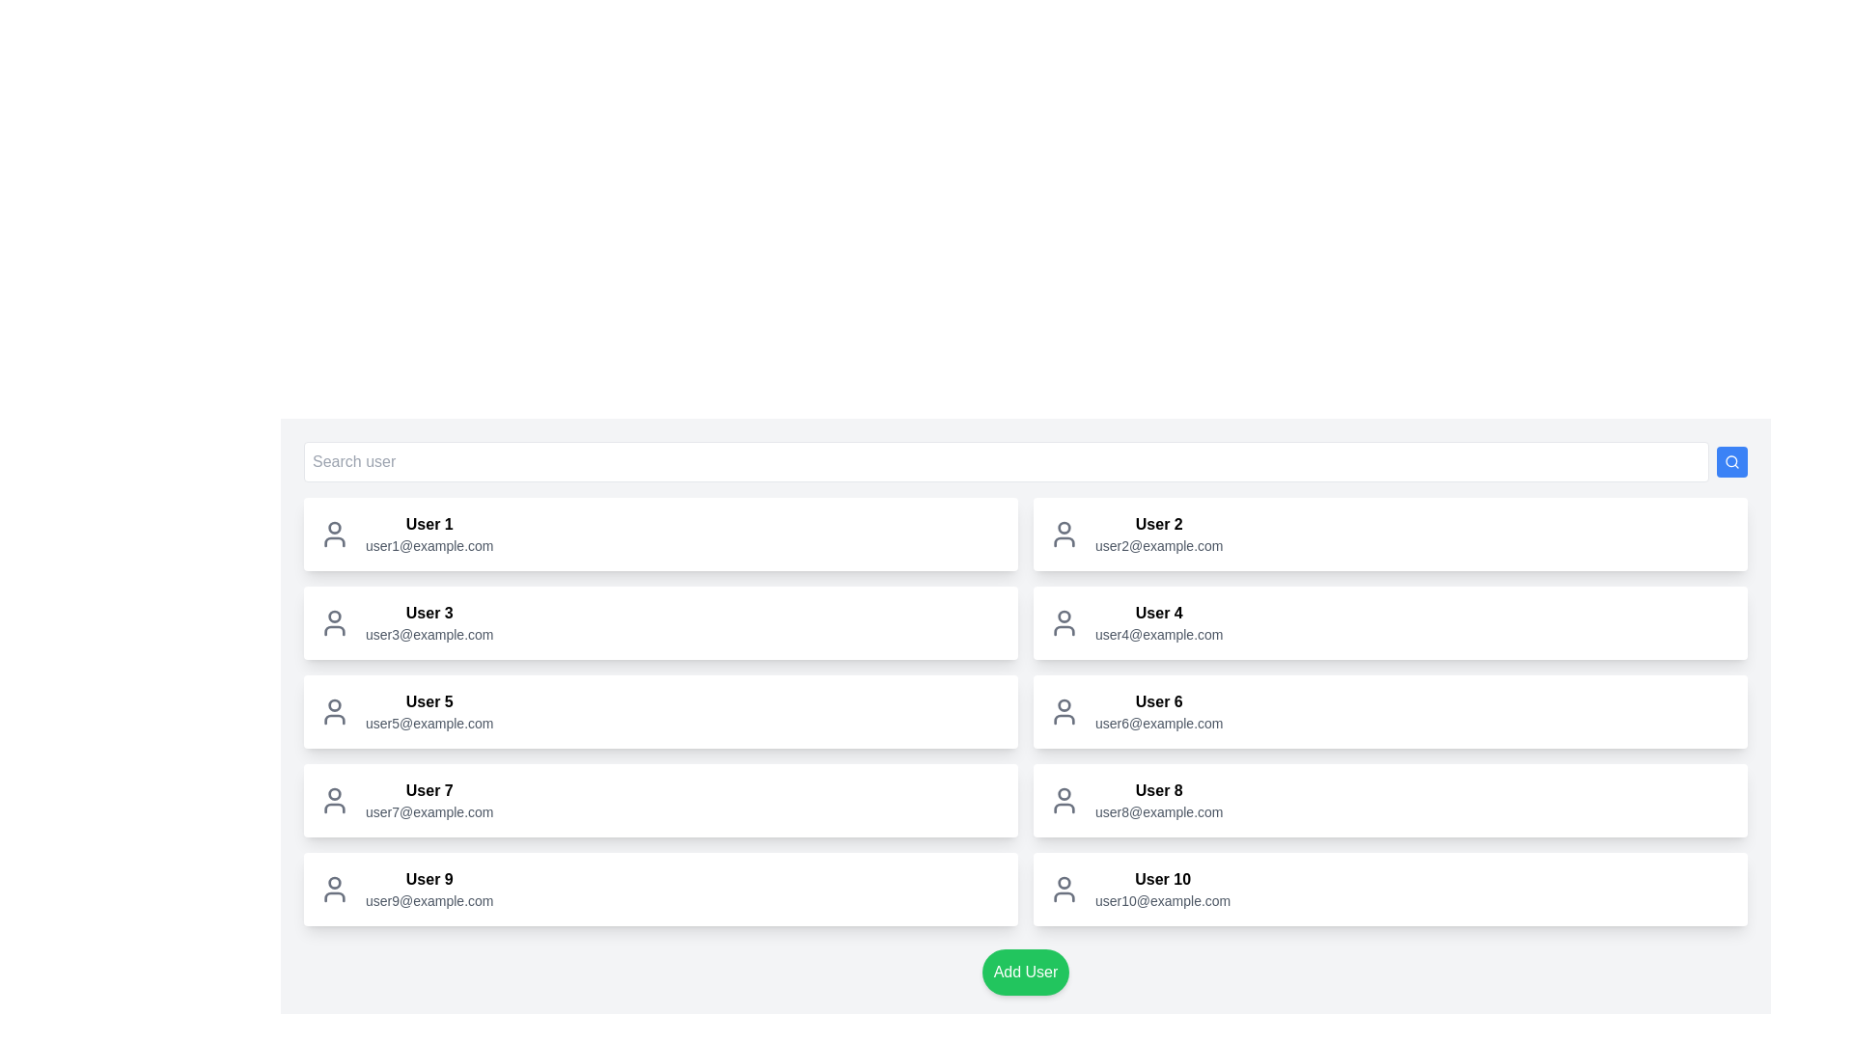  What do you see at coordinates (429, 711) in the screenshot?
I see `the text block displaying the name and email address of the user, which is located in the first column, third row of user cards in the layout` at bounding box center [429, 711].